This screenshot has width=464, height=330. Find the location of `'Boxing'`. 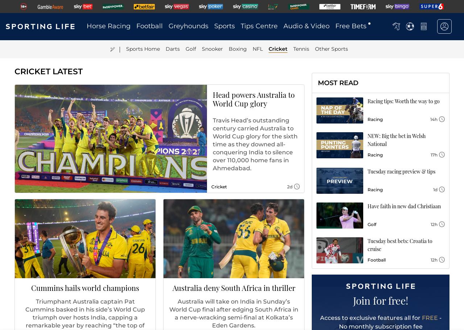

'Boxing' is located at coordinates (238, 49).